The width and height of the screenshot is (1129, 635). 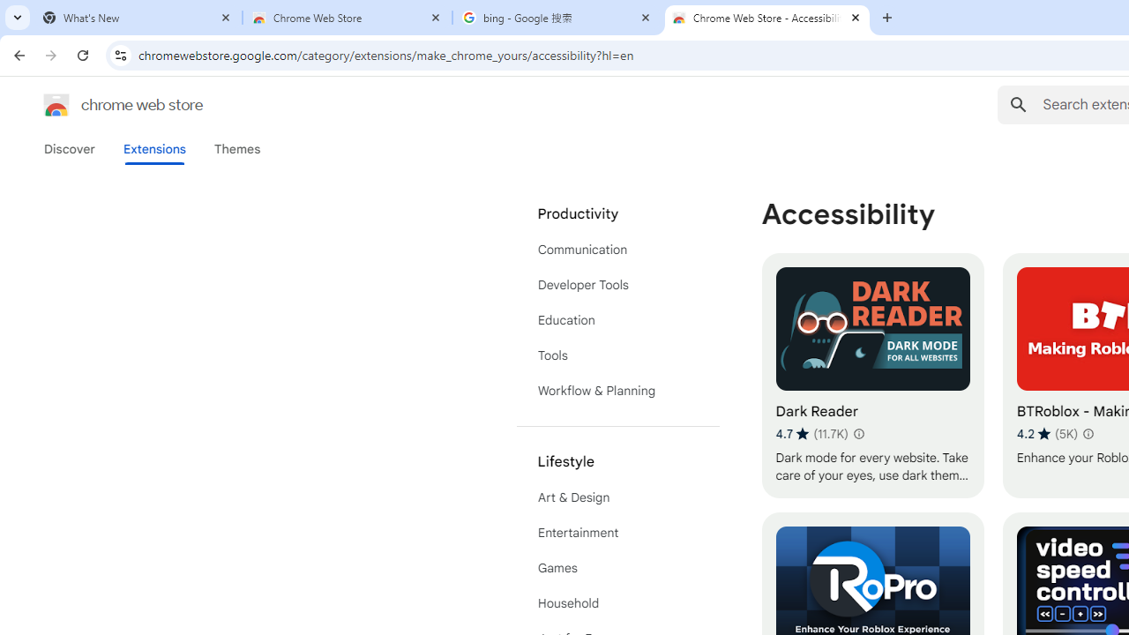 What do you see at coordinates (17, 54) in the screenshot?
I see `'Back'` at bounding box center [17, 54].